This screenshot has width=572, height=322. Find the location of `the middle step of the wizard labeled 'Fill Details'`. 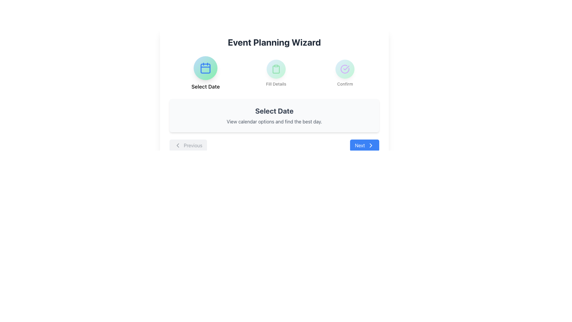

the middle step of the wizard labeled 'Fill Details' is located at coordinates (274, 73).